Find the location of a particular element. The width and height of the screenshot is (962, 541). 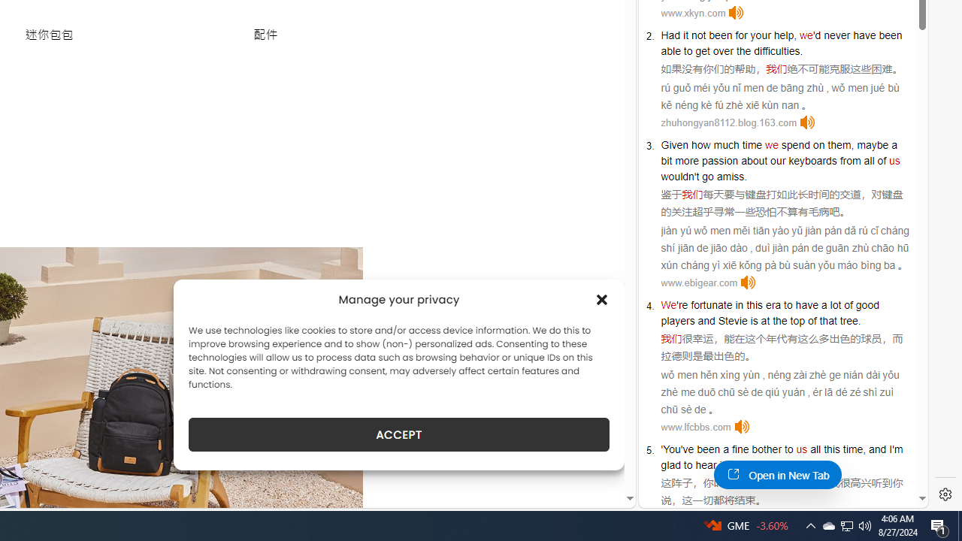

'amiss' is located at coordinates (731, 176).